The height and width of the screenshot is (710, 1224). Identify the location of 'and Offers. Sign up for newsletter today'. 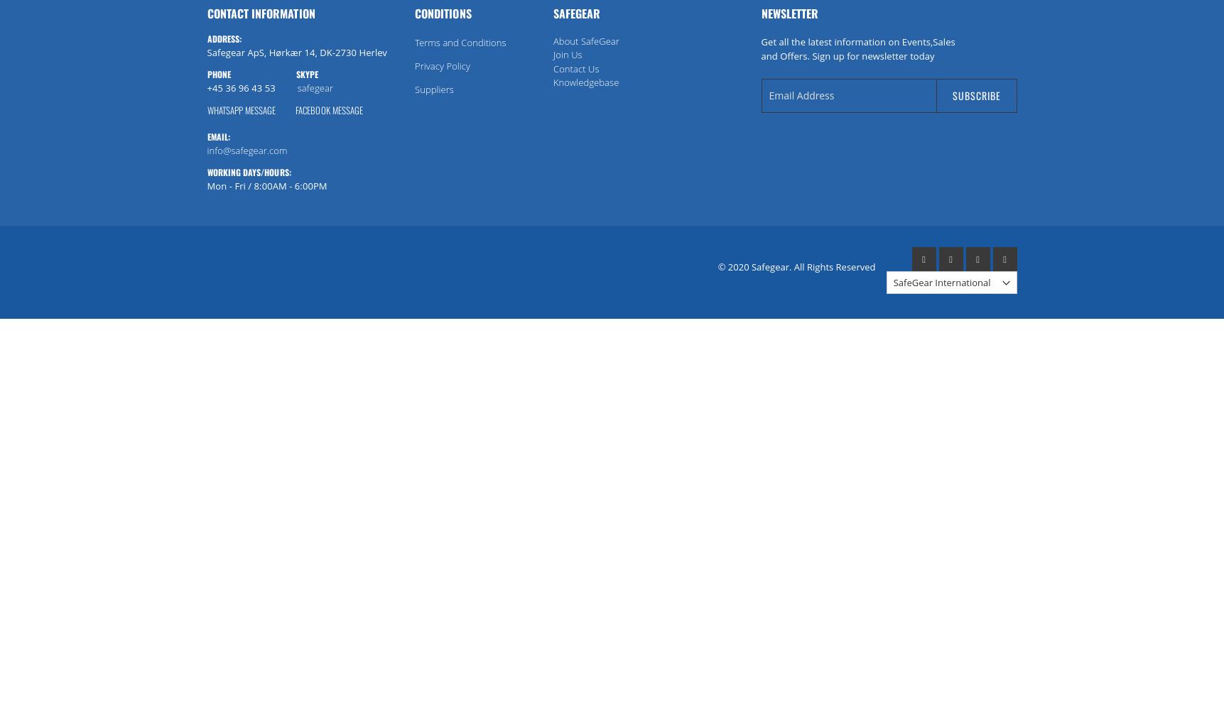
(847, 55).